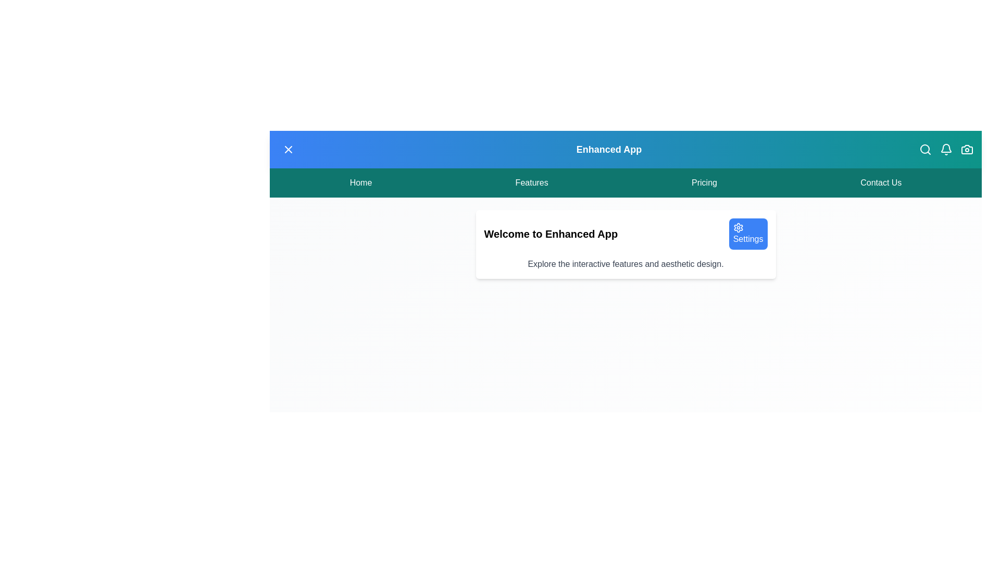 This screenshot has height=563, width=1000. Describe the element at coordinates (967, 149) in the screenshot. I see `the camera icon in the app bar` at that location.